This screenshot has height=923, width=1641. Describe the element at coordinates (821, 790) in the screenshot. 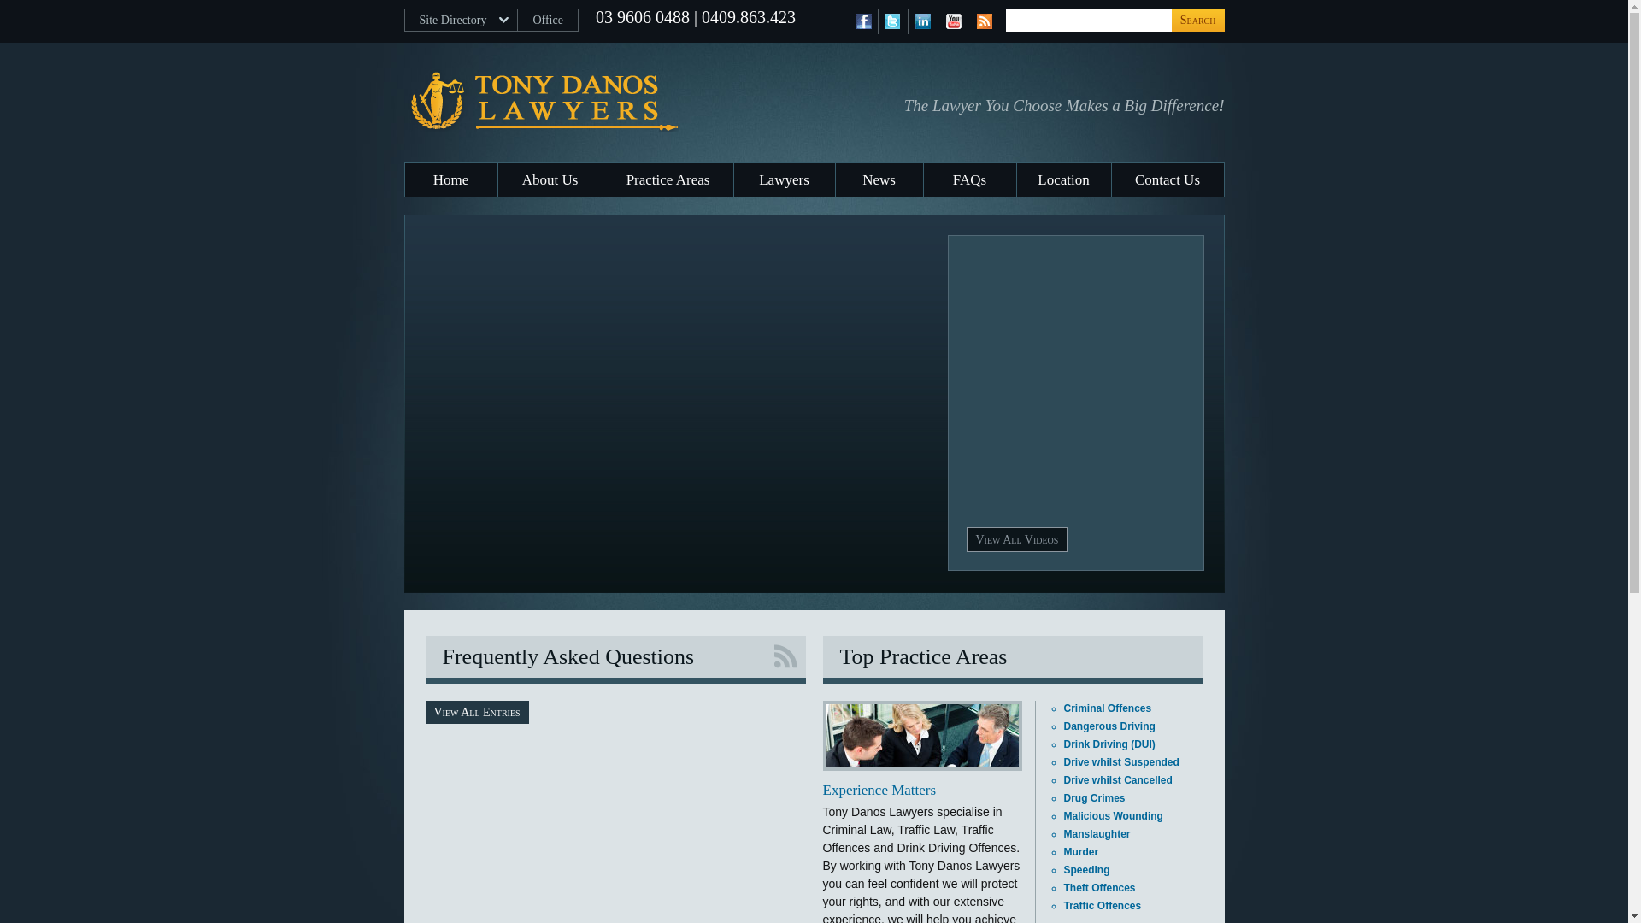

I see `'Experience Matters'` at that location.